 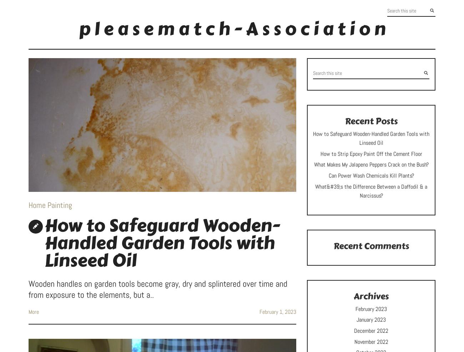 What do you see at coordinates (371, 319) in the screenshot?
I see `'January 2023'` at bounding box center [371, 319].